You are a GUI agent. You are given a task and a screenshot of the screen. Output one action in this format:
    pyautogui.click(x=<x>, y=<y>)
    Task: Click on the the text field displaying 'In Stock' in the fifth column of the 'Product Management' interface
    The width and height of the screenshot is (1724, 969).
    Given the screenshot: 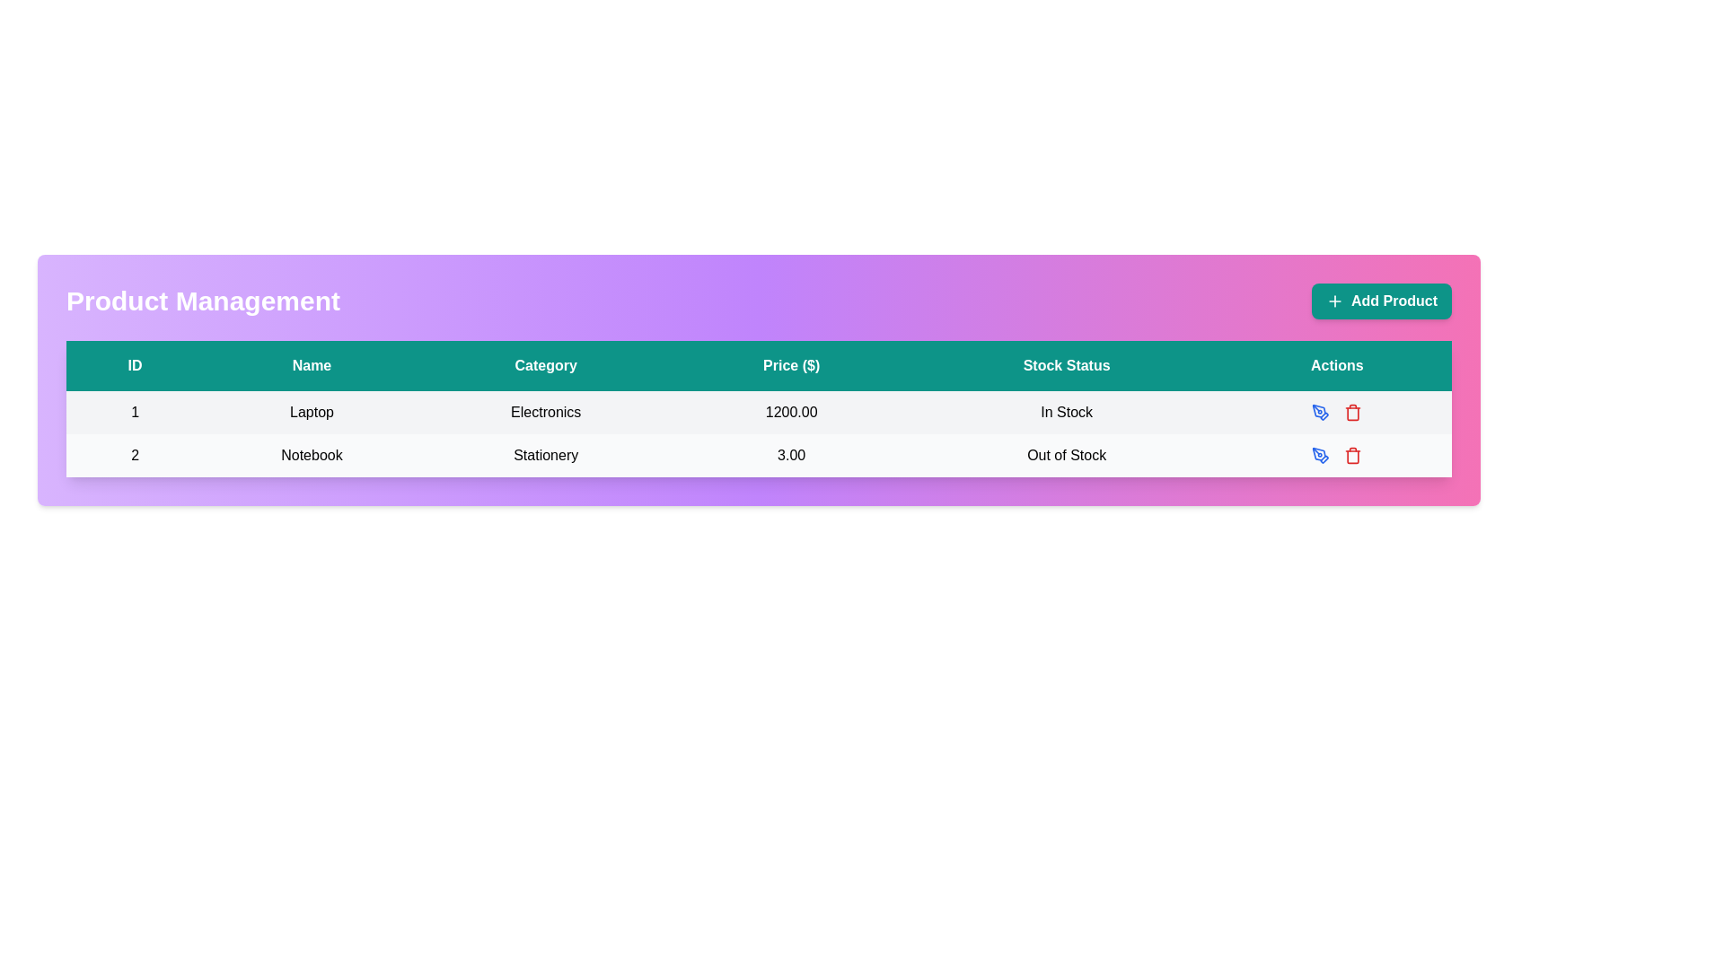 What is the action you would take?
    pyautogui.click(x=1067, y=412)
    